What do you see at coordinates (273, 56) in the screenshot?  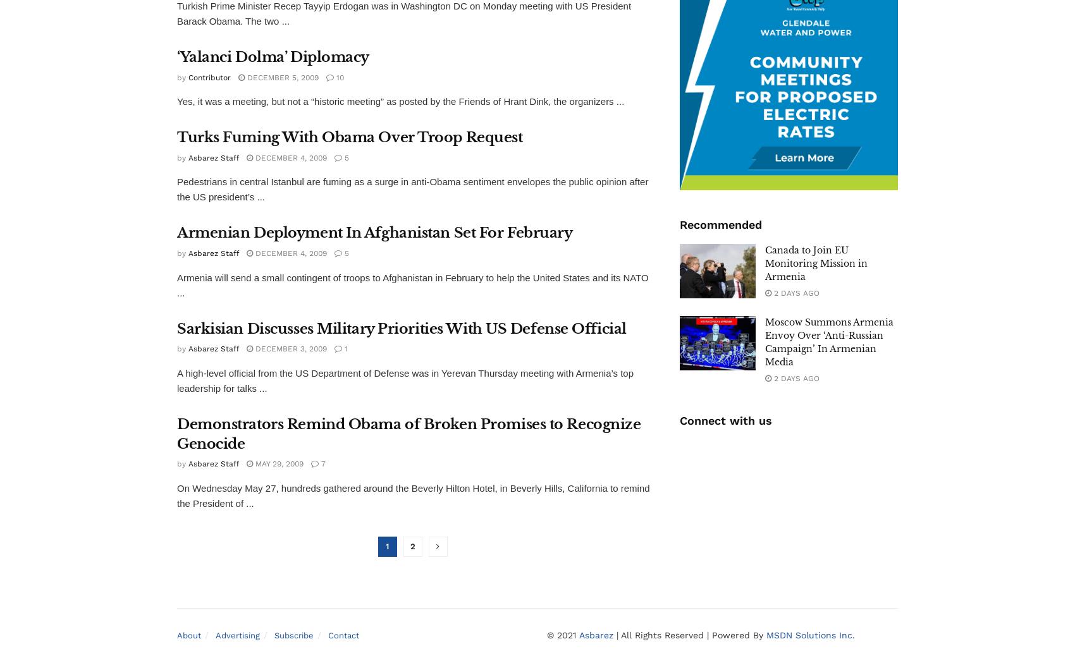 I see `'‘Yalanci Dolma’ Diplomacy'` at bounding box center [273, 56].